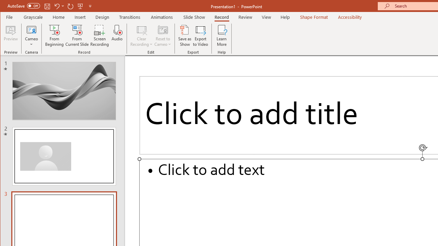 The width and height of the screenshot is (438, 246). I want to click on 'Customize Quick Access Toolbar', so click(90, 6).